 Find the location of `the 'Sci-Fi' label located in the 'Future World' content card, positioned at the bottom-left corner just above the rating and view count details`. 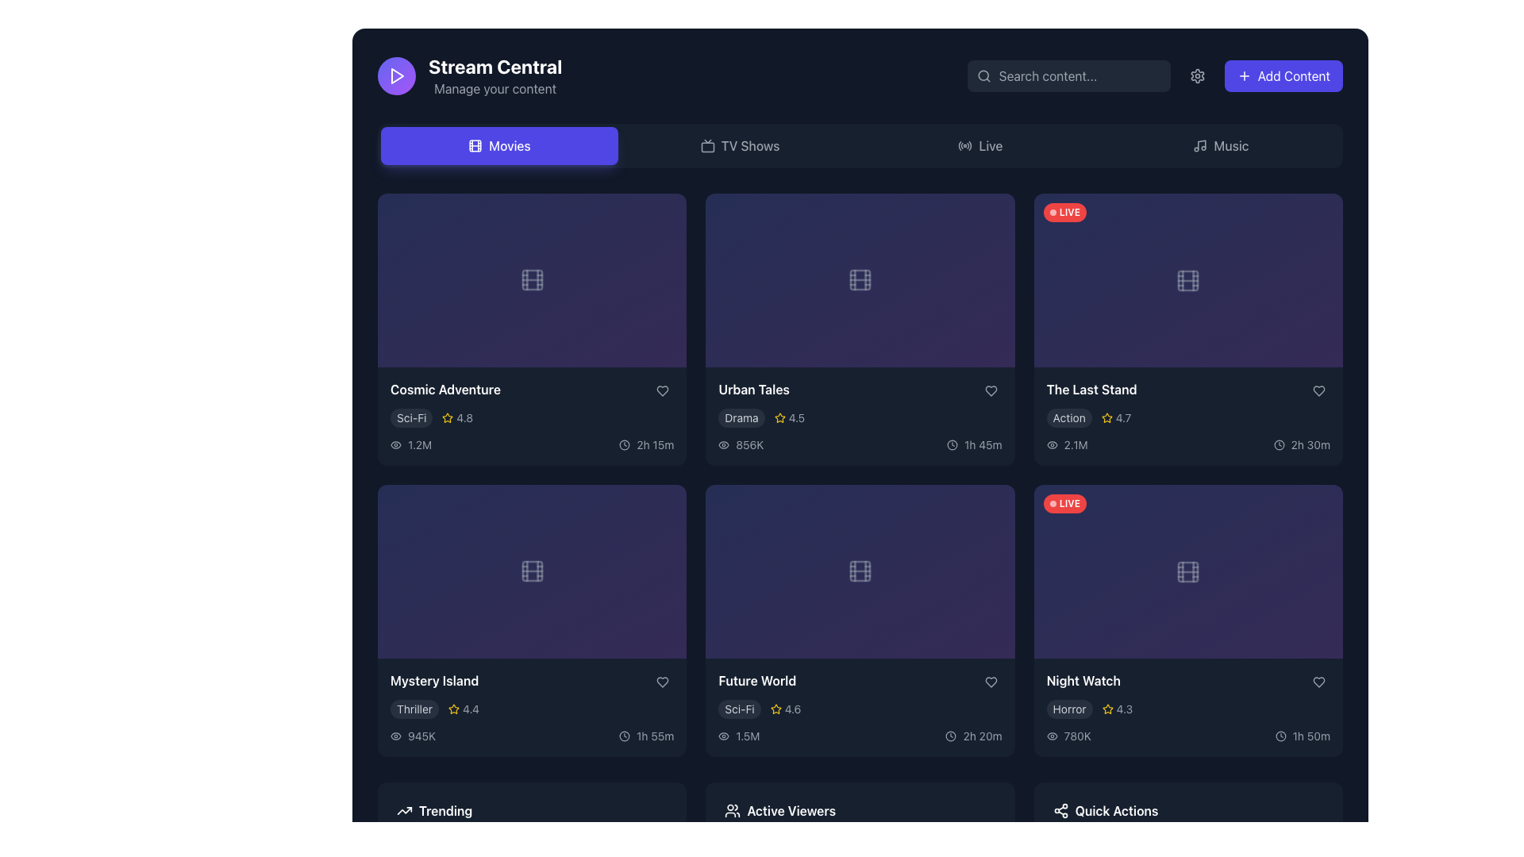

the 'Sci-Fi' label located in the 'Future World' content card, positioned at the bottom-left corner just above the rating and view count details is located at coordinates (738, 709).